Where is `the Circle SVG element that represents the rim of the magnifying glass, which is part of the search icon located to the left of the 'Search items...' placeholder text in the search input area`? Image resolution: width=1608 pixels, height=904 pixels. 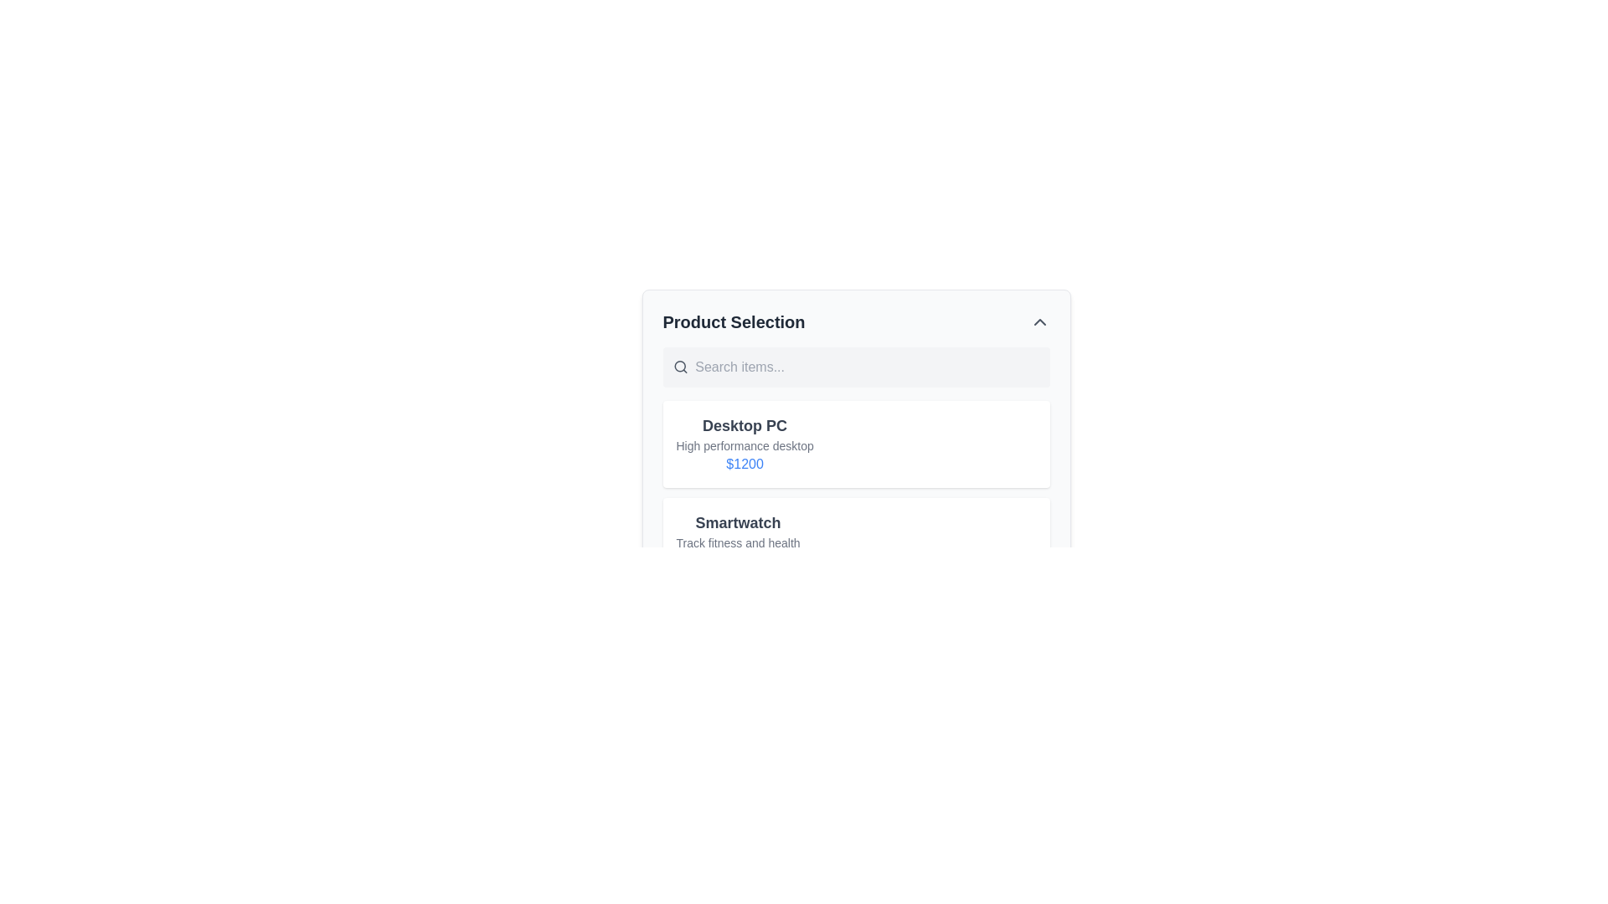 the Circle SVG element that represents the rim of the magnifying glass, which is part of the search icon located to the left of the 'Search items...' placeholder text in the search input area is located at coordinates (680, 366).